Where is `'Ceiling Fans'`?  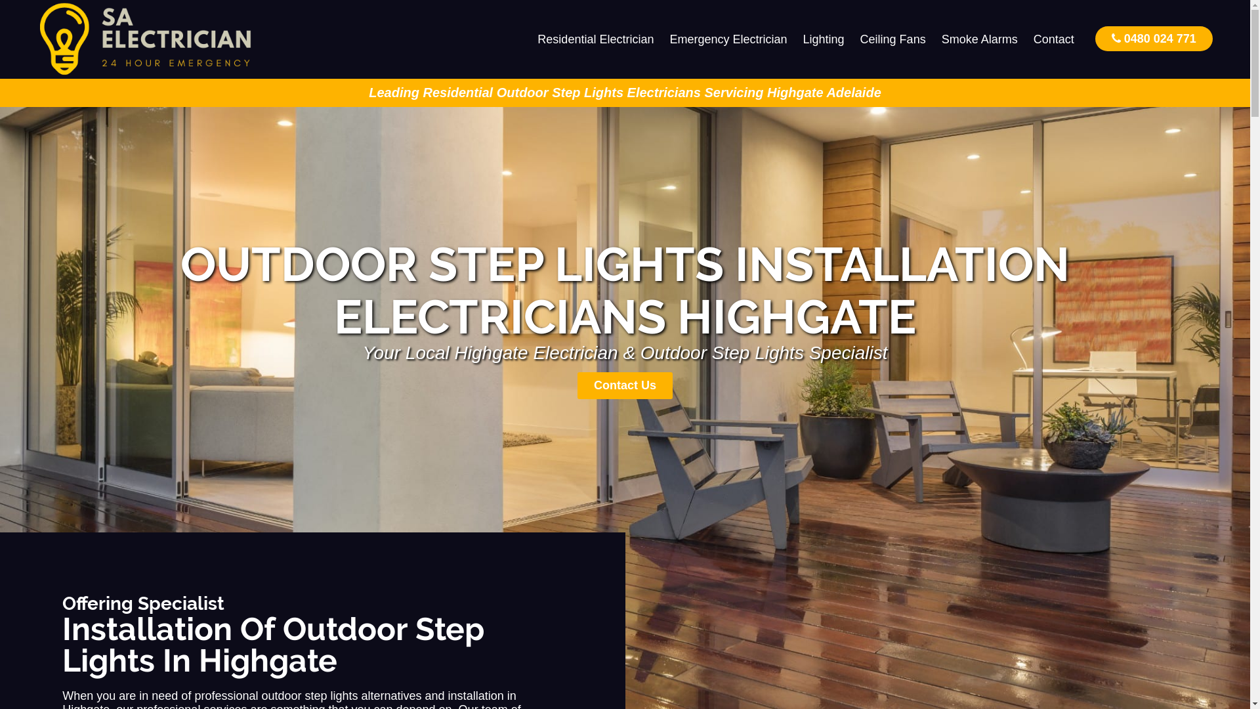 'Ceiling Fans' is located at coordinates (892, 39).